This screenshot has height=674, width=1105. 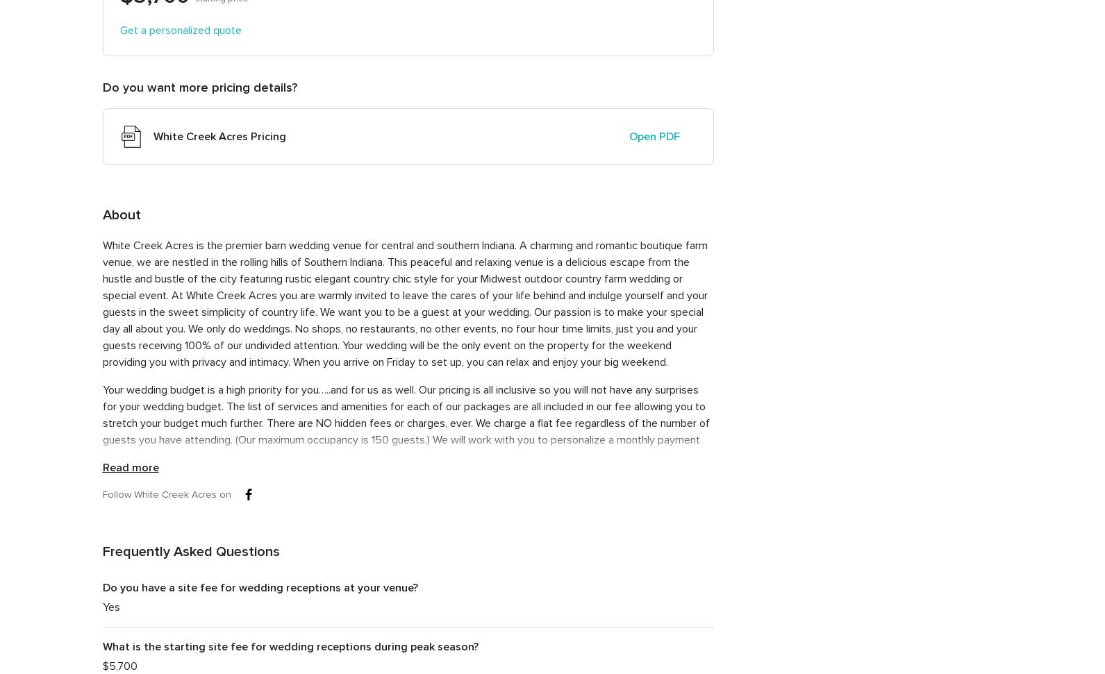 What do you see at coordinates (903, 150) in the screenshot?
I see `'Lafayette, IN'` at bounding box center [903, 150].